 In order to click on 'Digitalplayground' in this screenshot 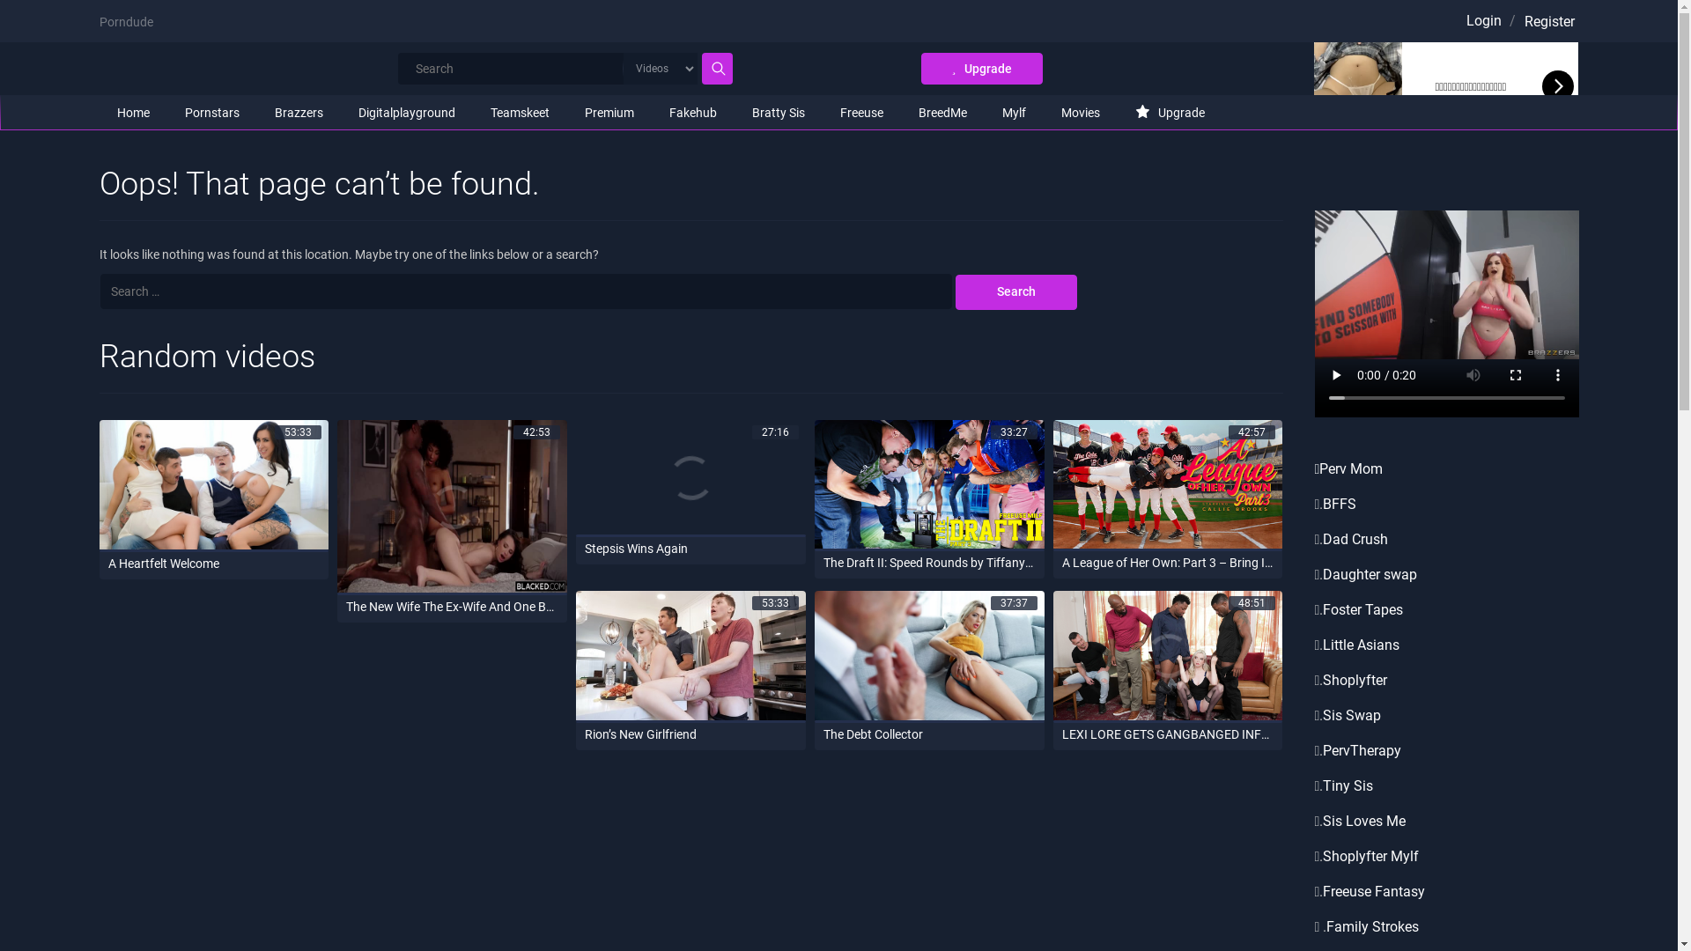, I will do `click(339, 112)`.